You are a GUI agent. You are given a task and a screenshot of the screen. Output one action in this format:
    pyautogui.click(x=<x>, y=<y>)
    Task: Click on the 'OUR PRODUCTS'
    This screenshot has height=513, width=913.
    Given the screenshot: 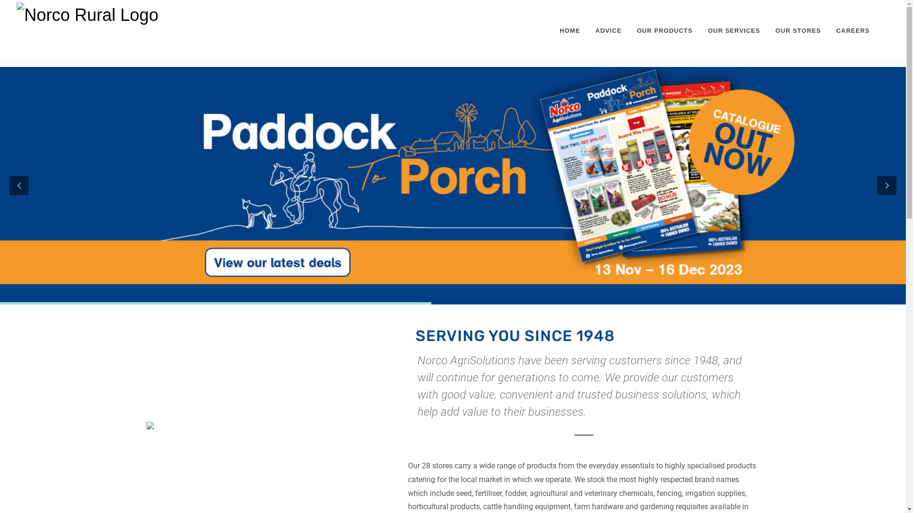 What is the action you would take?
    pyautogui.click(x=630, y=30)
    